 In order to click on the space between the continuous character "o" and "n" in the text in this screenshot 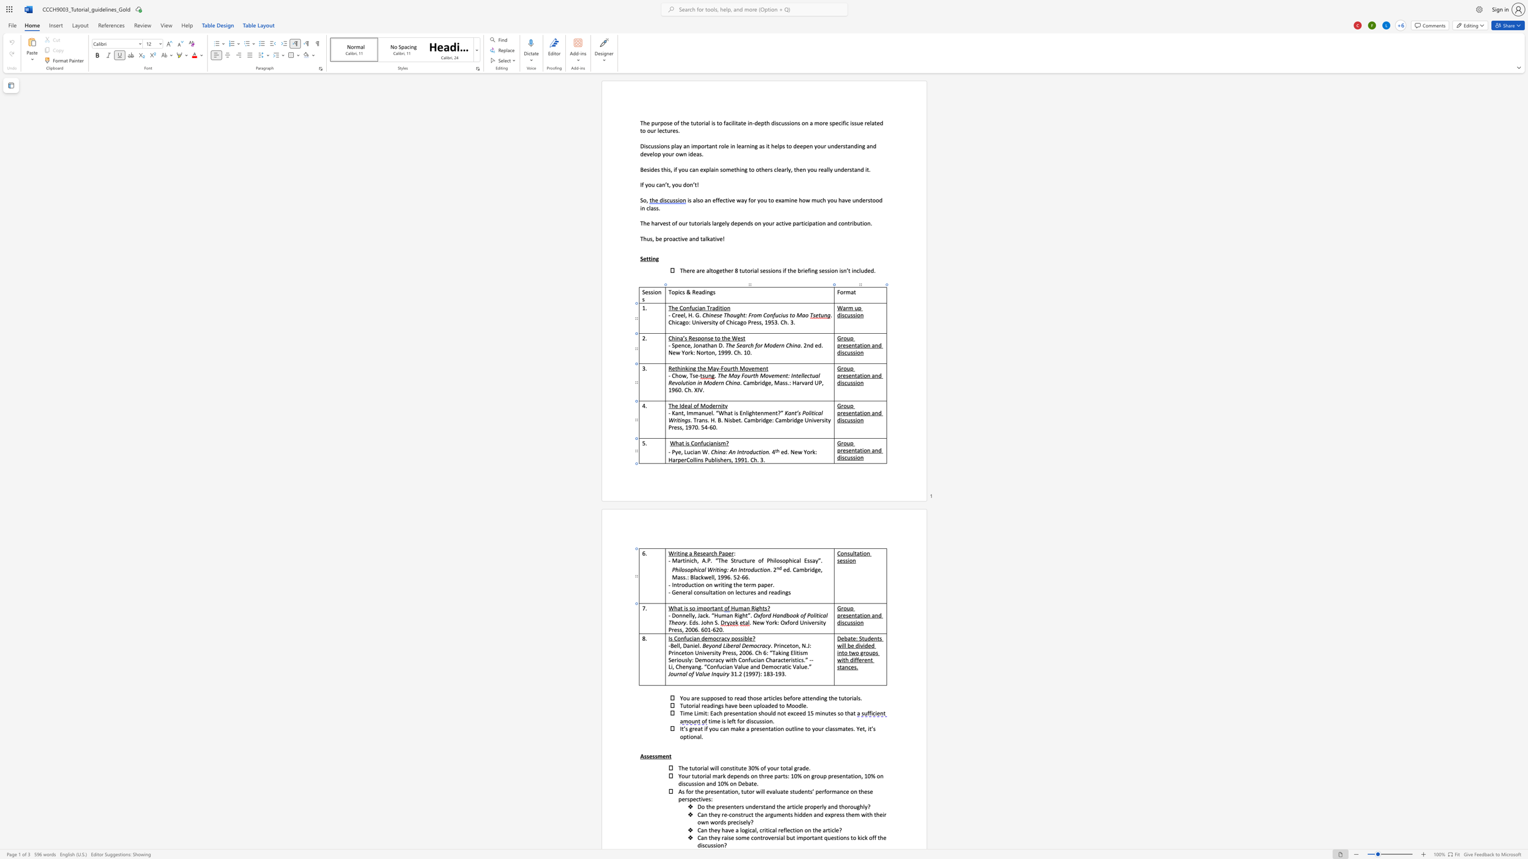, I will do `click(766, 569)`.